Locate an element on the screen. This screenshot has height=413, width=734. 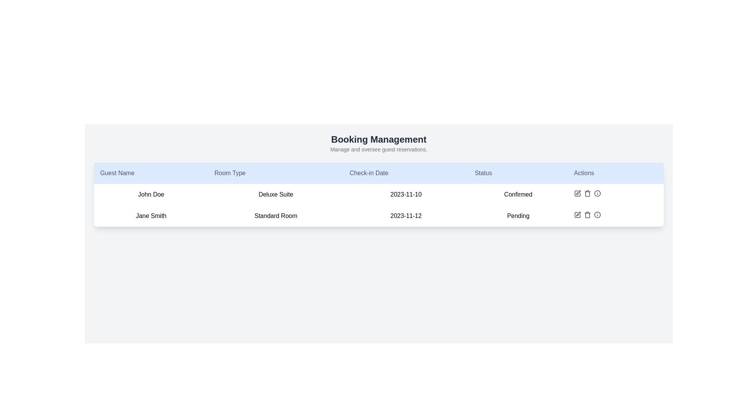
text content from the Table Header Row that labels the columns of guest details such as name, room type, check-in date, status, and actions is located at coordinates (378, 173).